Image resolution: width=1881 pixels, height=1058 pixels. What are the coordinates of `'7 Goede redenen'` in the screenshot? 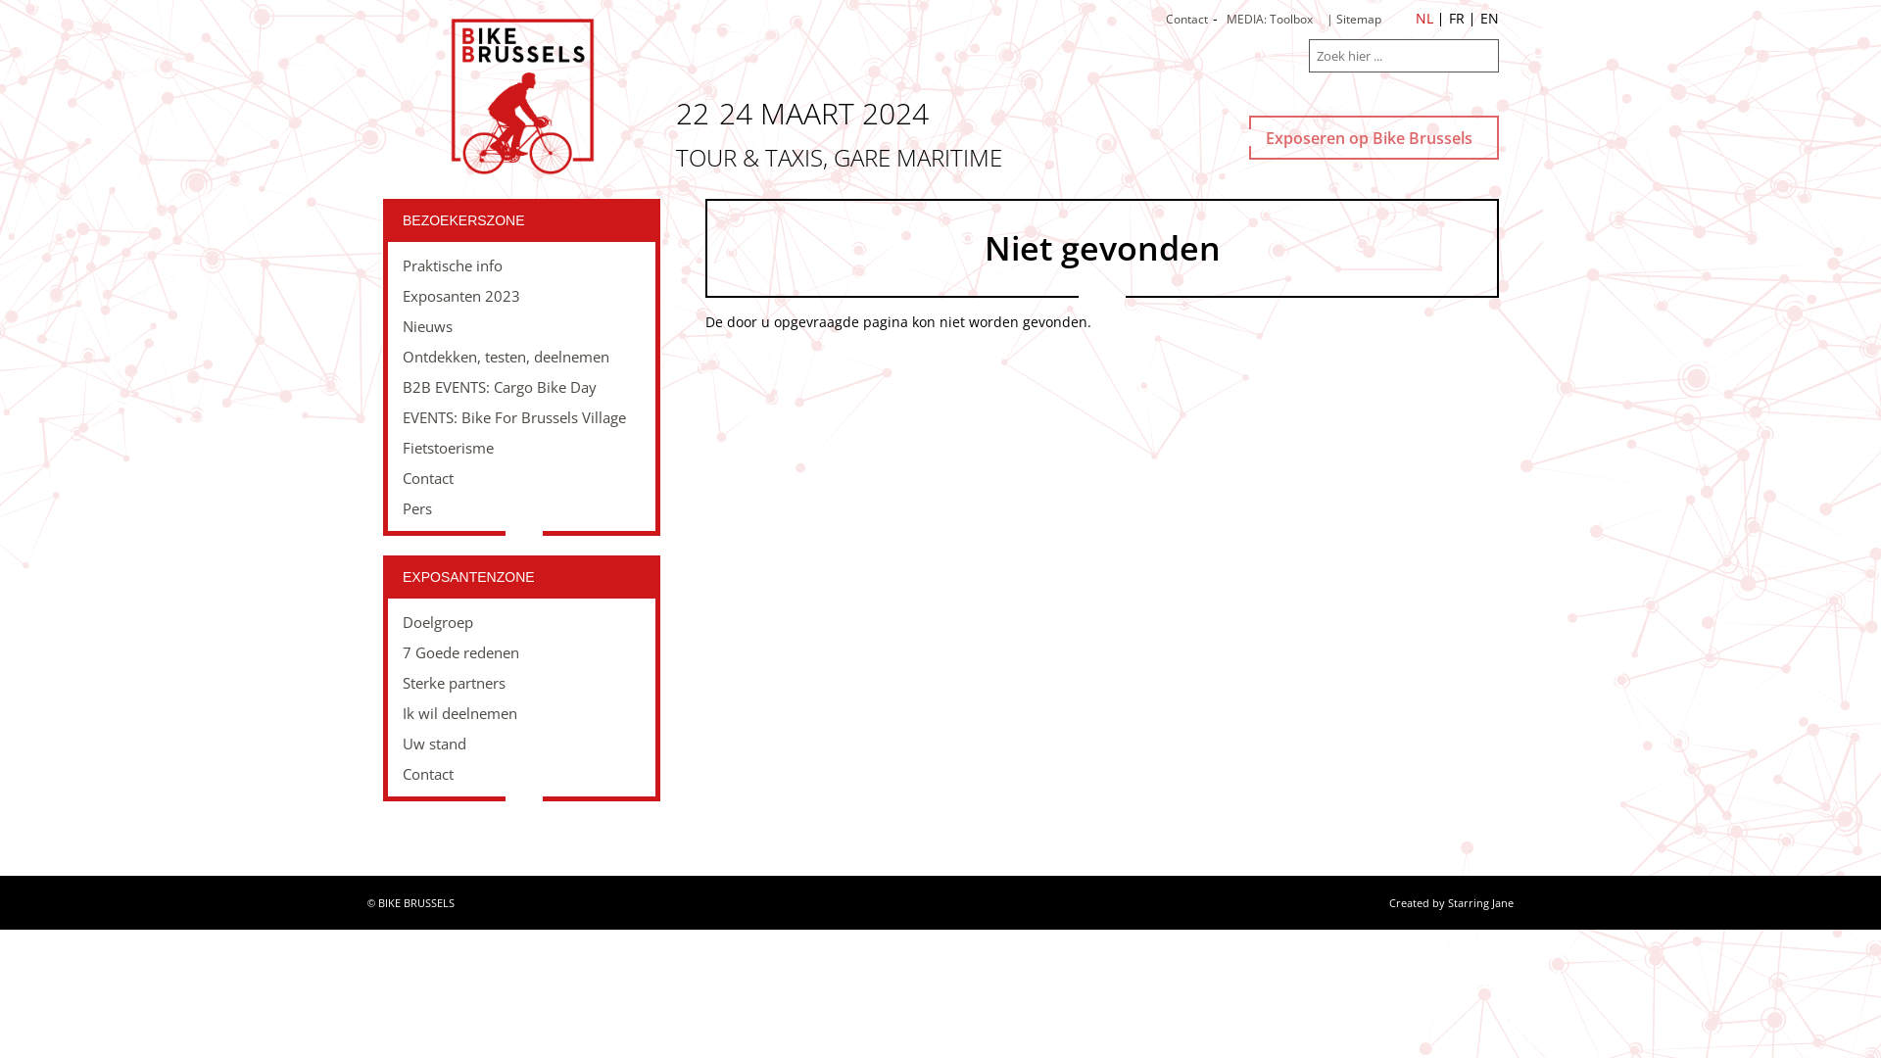 It's located at (521, 652).